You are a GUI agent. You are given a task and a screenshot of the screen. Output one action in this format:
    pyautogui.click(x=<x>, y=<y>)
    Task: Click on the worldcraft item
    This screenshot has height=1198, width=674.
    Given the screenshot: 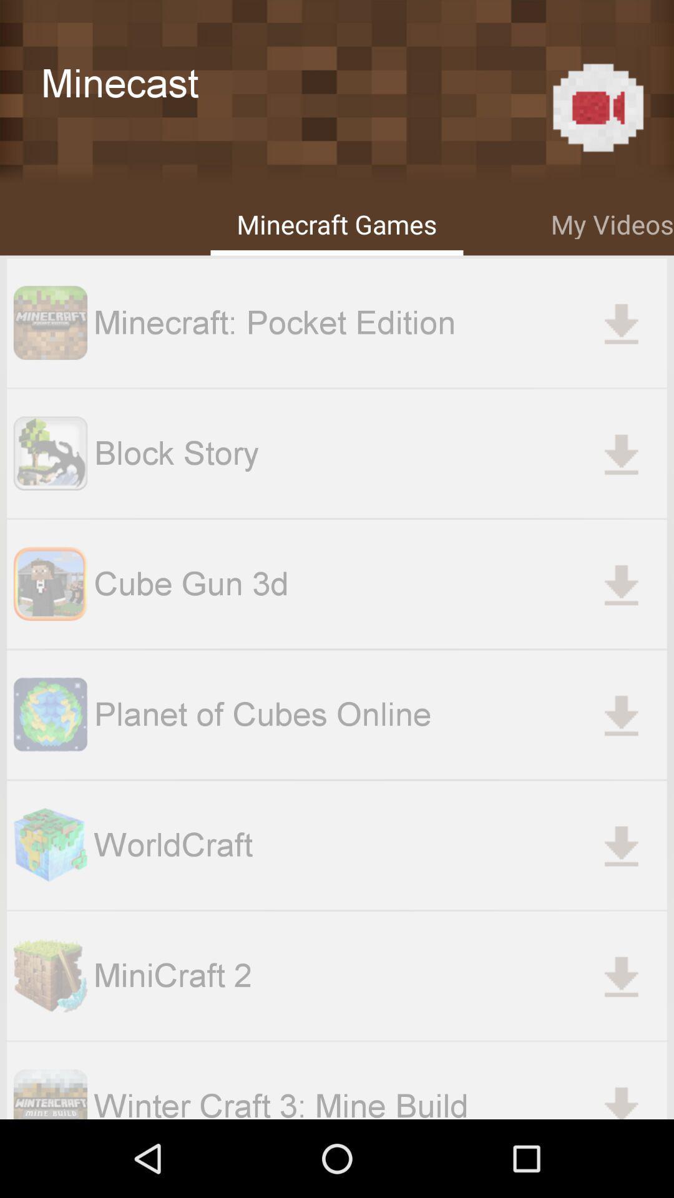 What is the action you would take?
    pyautogui.click(x=379, y=845)
    